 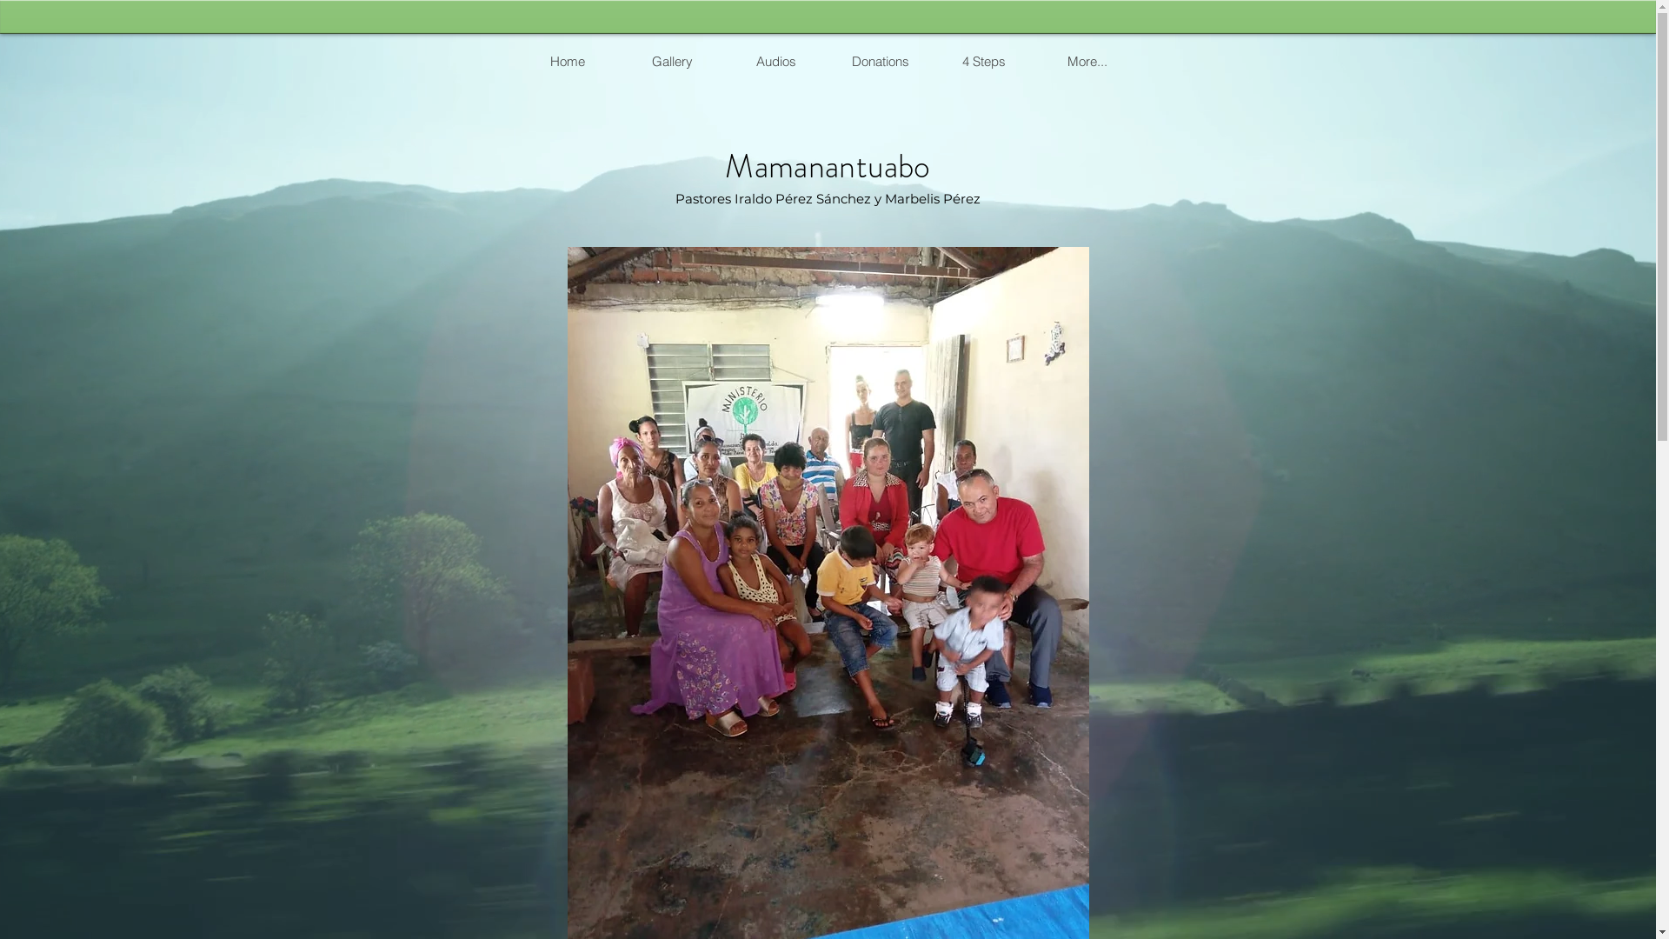 I want to click on 'Home', so click(x=567, y=60).